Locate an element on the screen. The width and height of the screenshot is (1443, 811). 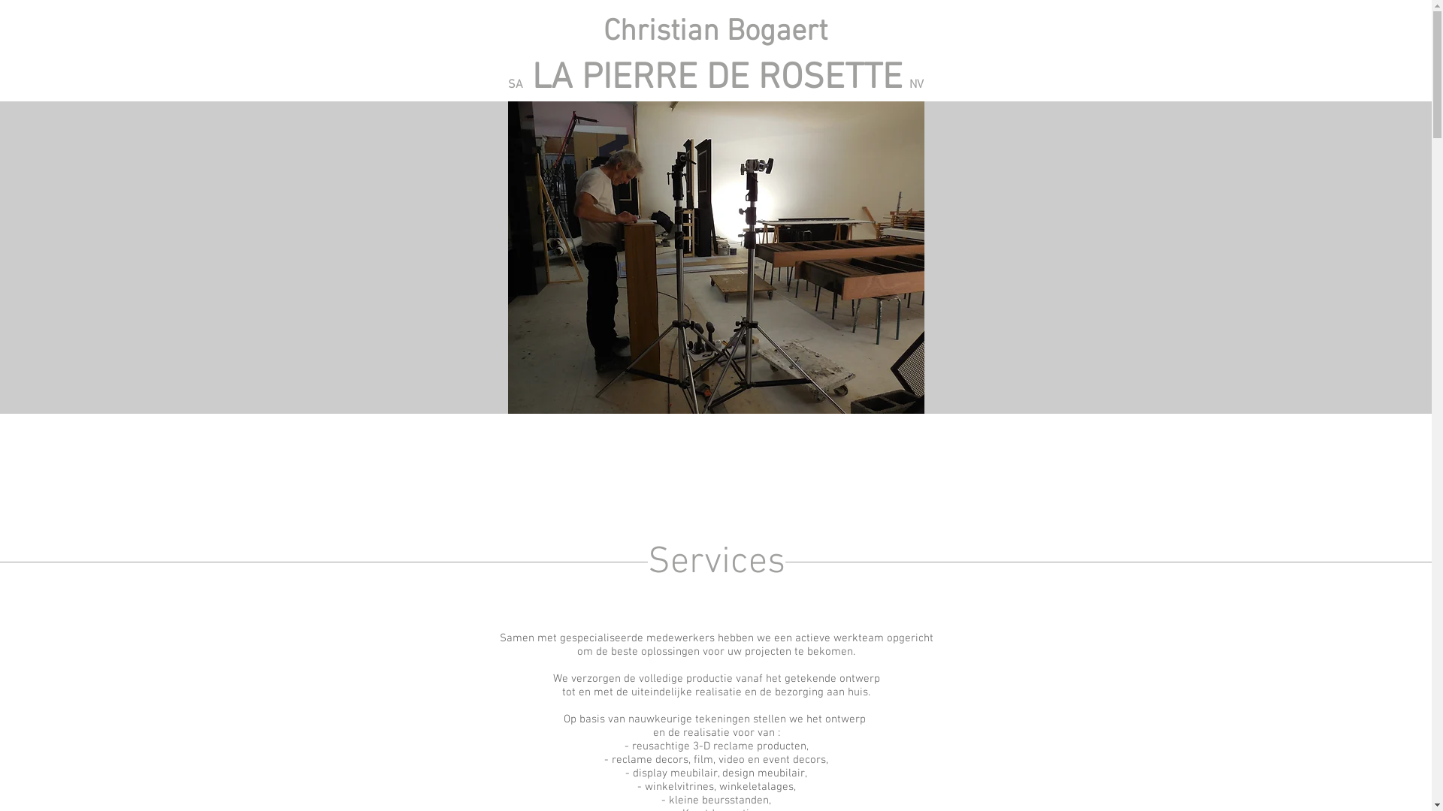
'Christian Bogaert' is located at coordinates (714, 32).